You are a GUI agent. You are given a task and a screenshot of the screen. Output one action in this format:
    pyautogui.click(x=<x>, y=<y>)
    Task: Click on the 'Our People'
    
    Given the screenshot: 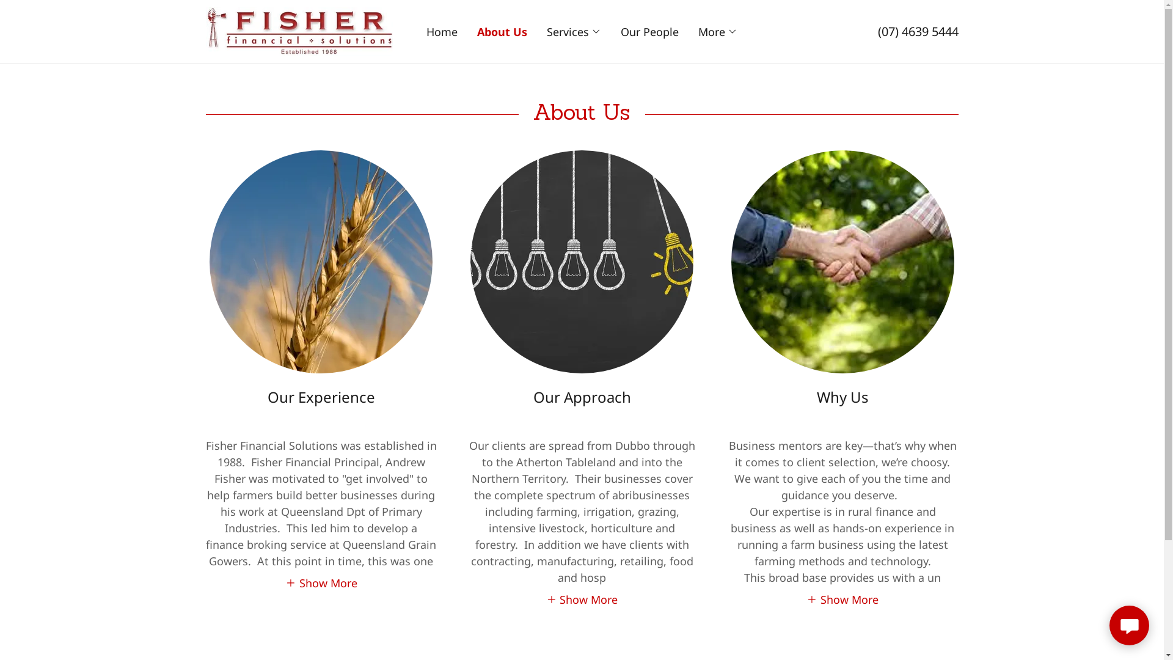 What is the action you would take?
    pyautogui.click(x=649, y=31)
    